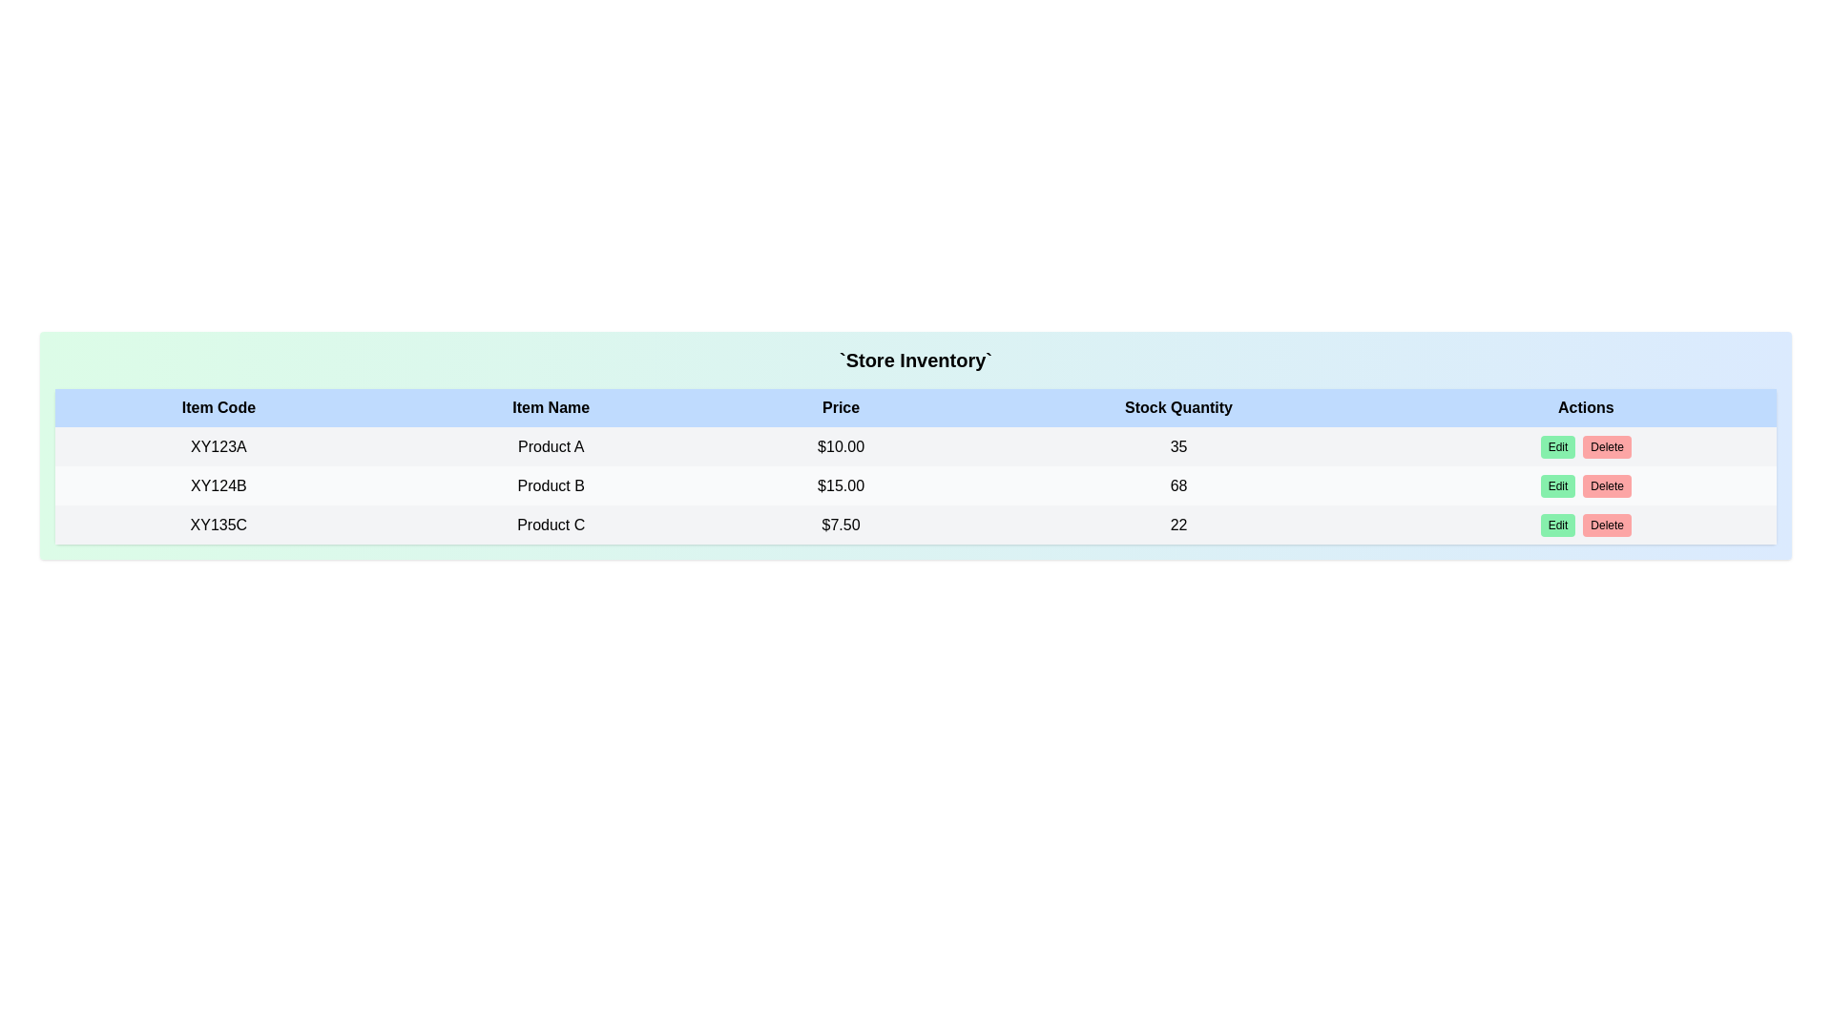 The width and height of the screenshot is (1832, 1030). Describe the element at coordinates (840, 484) in the screenshot. I see `the text element displaying the price '$15.00' located in the 'Price' column for 'Product B' in the table structure` at that location.